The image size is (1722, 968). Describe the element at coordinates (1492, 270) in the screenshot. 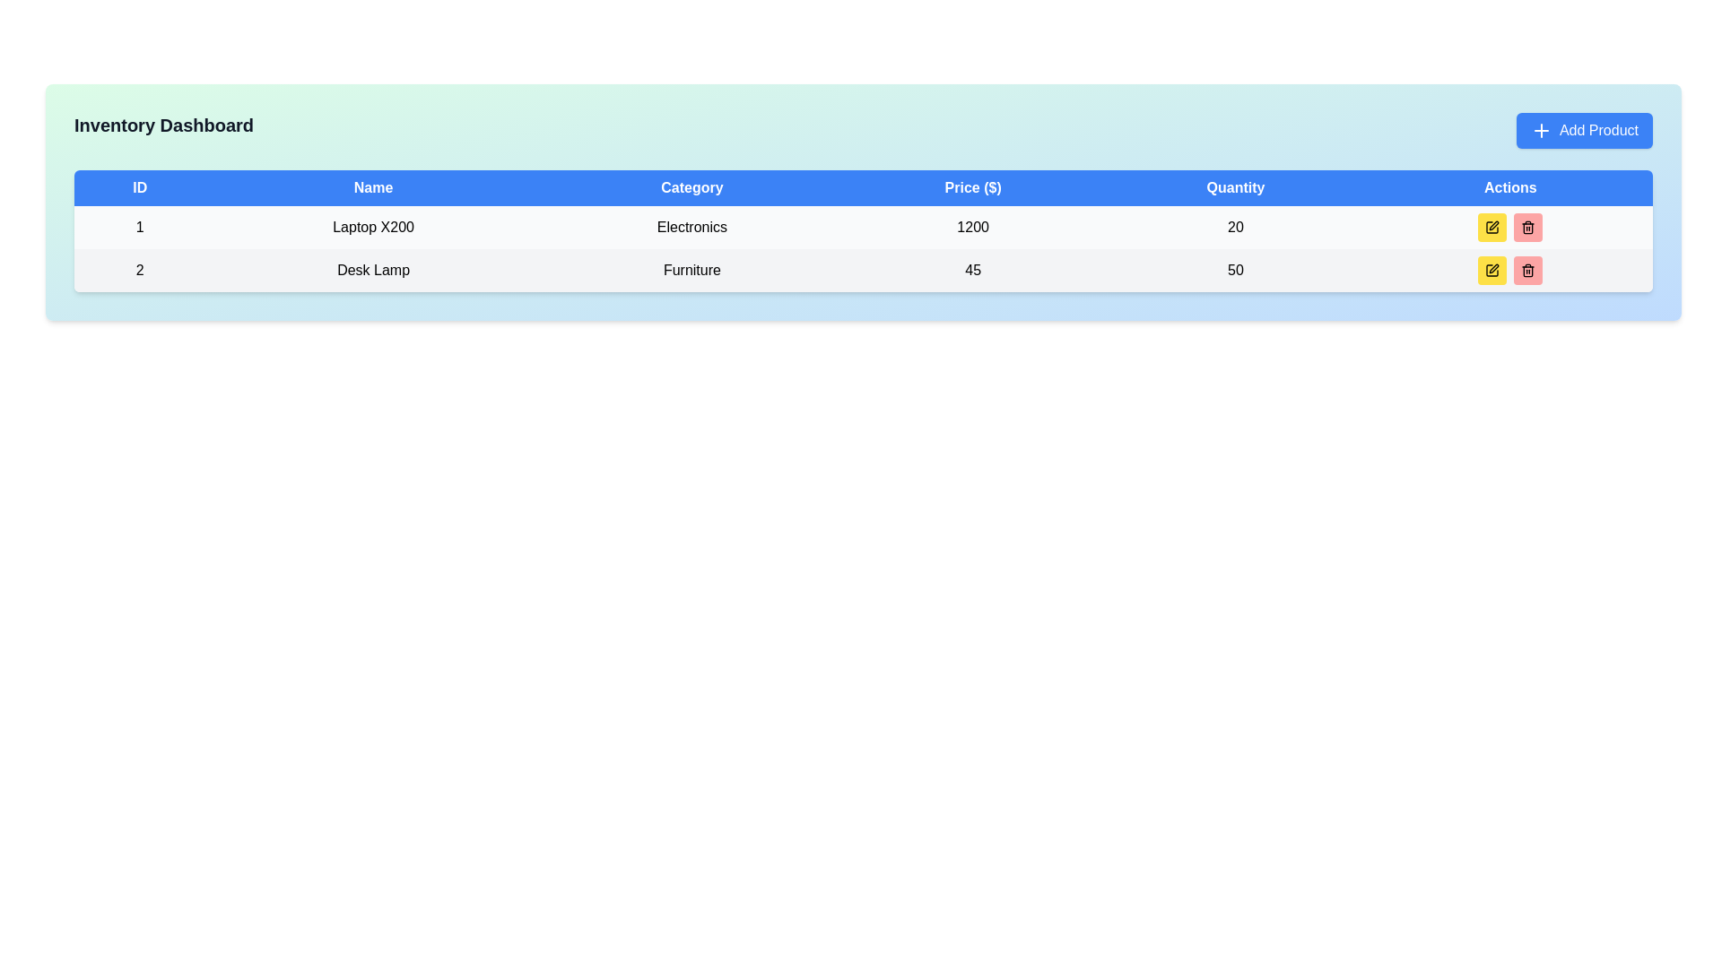

I see `the 'Edit' button in the Actions column of the table for the 'Desk Lamp' item to check for a tooltip` at that location.